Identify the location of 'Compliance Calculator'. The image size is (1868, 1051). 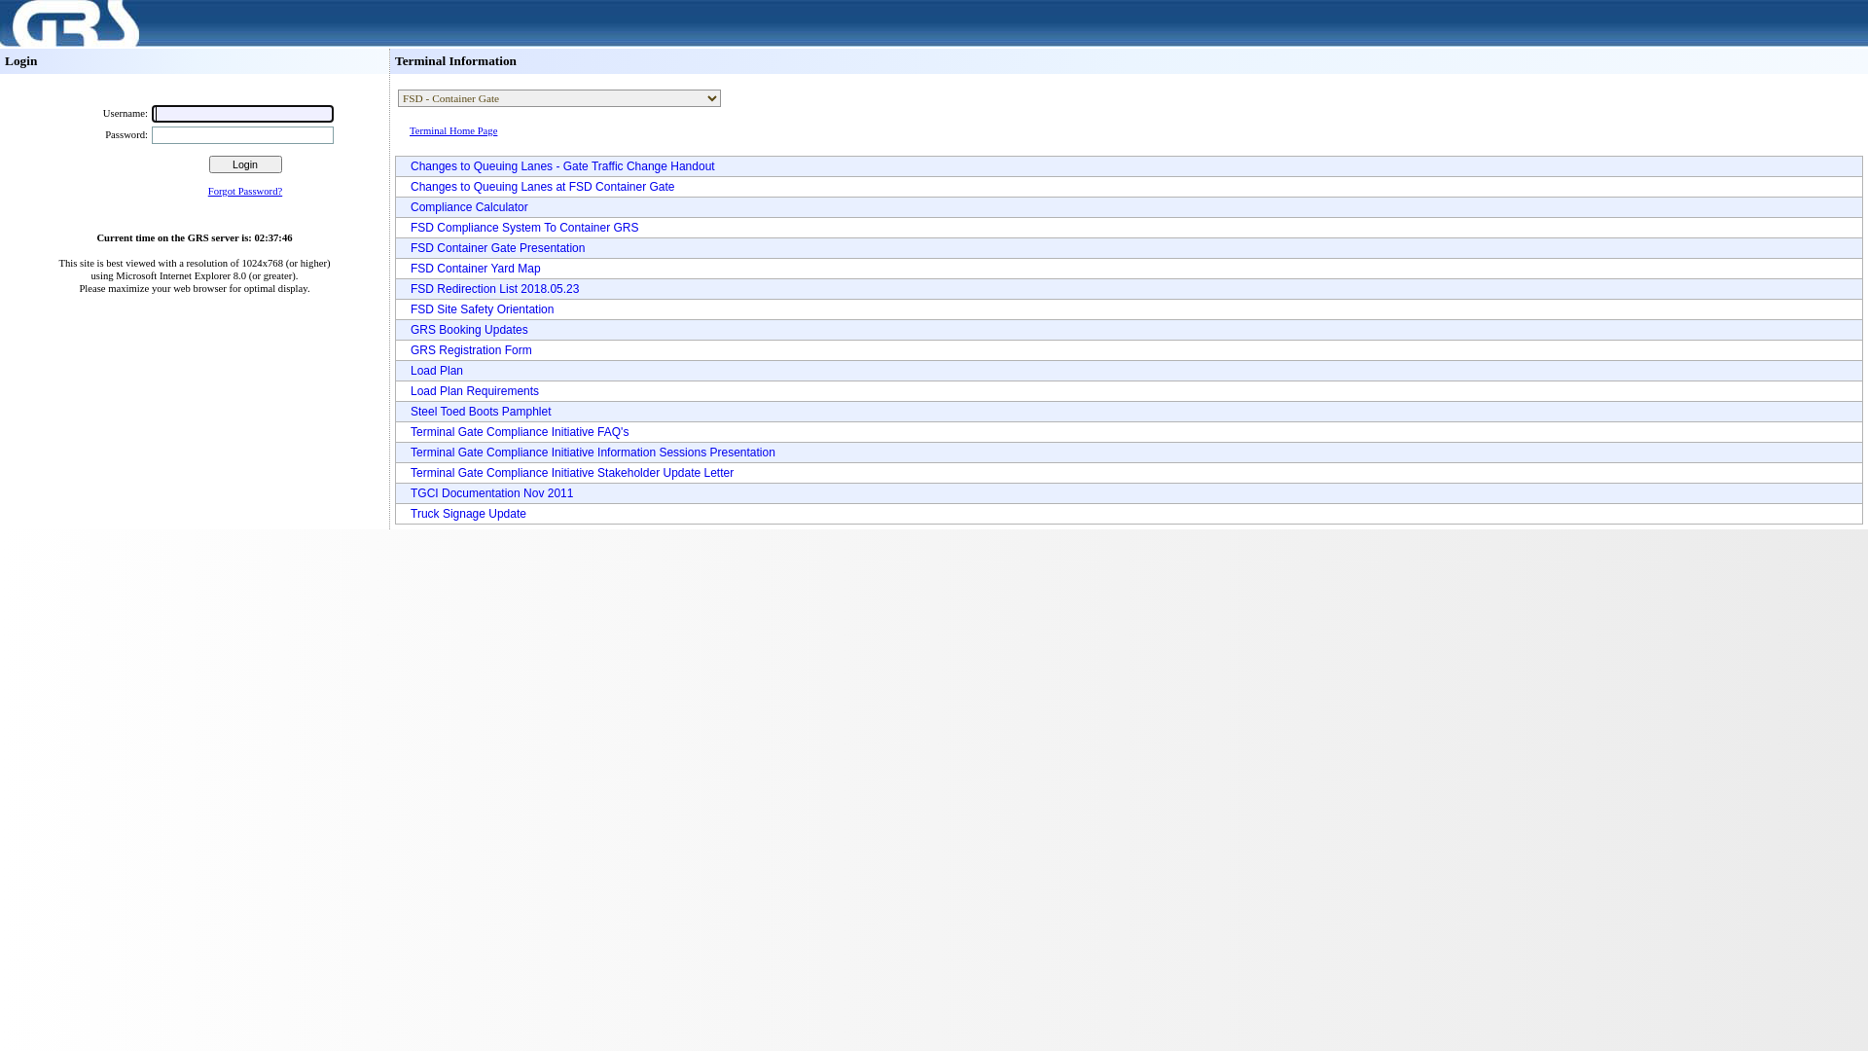
(463, 206).